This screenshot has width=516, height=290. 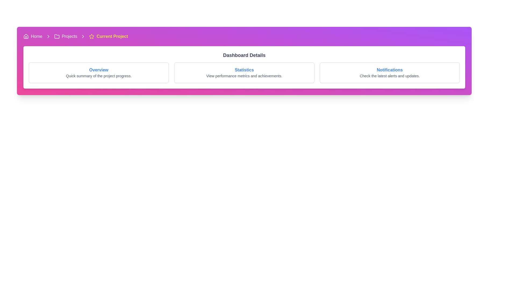 I want to click on the 'Home' text link in the breadcrumb navigation bar, so click(x=36, y=36).